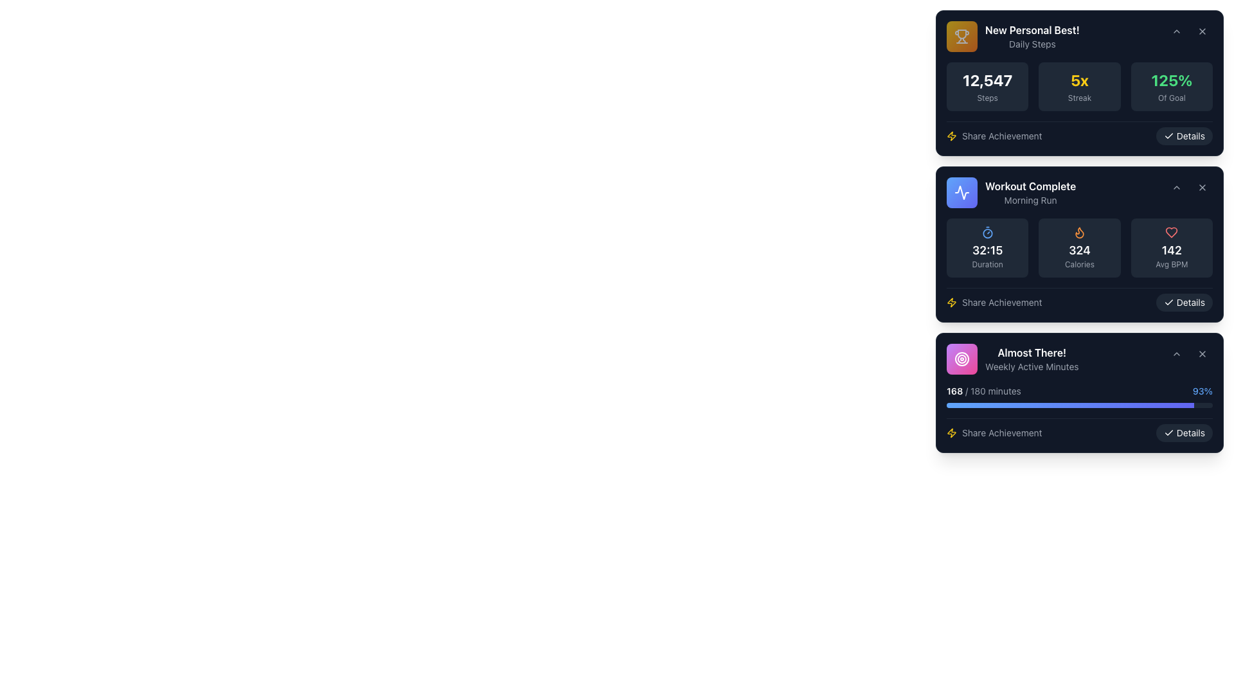 This screenshot has width=1234, height=694. I want to click on the 'Morning Run' text label displayed in light gray color, so click(1030, 200).